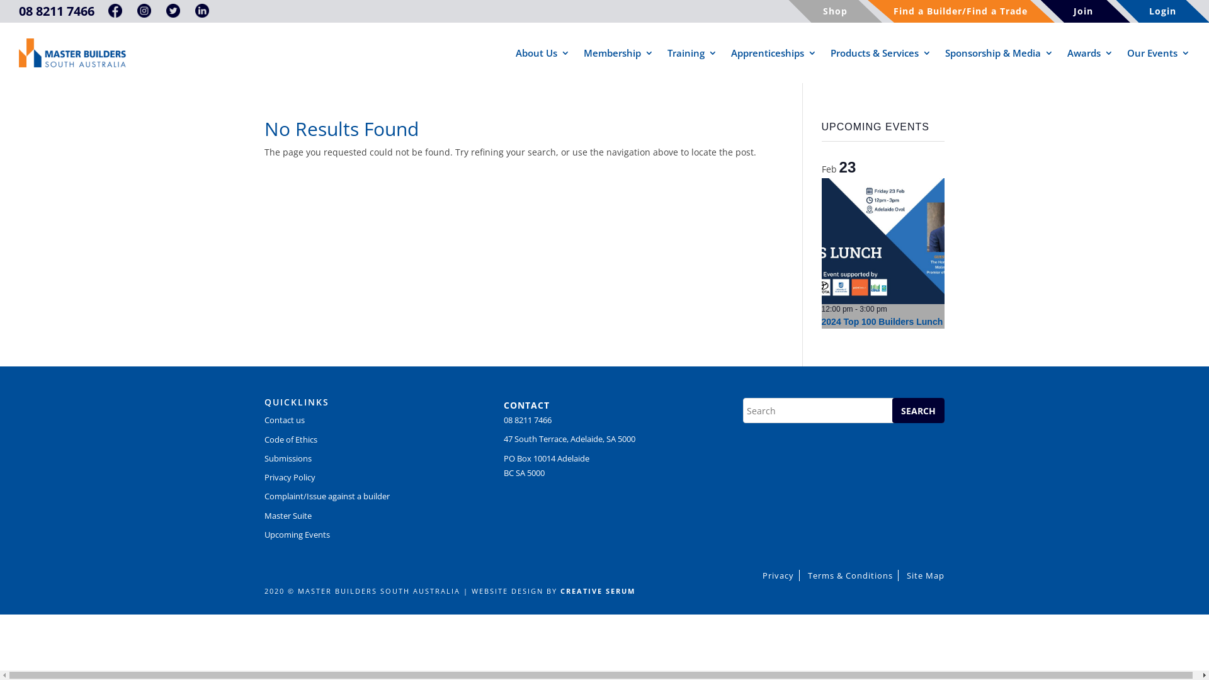 Image resolution: width=1209 pixels, height=680 pixels. I want to click on 'Membership', so click(618, 52).